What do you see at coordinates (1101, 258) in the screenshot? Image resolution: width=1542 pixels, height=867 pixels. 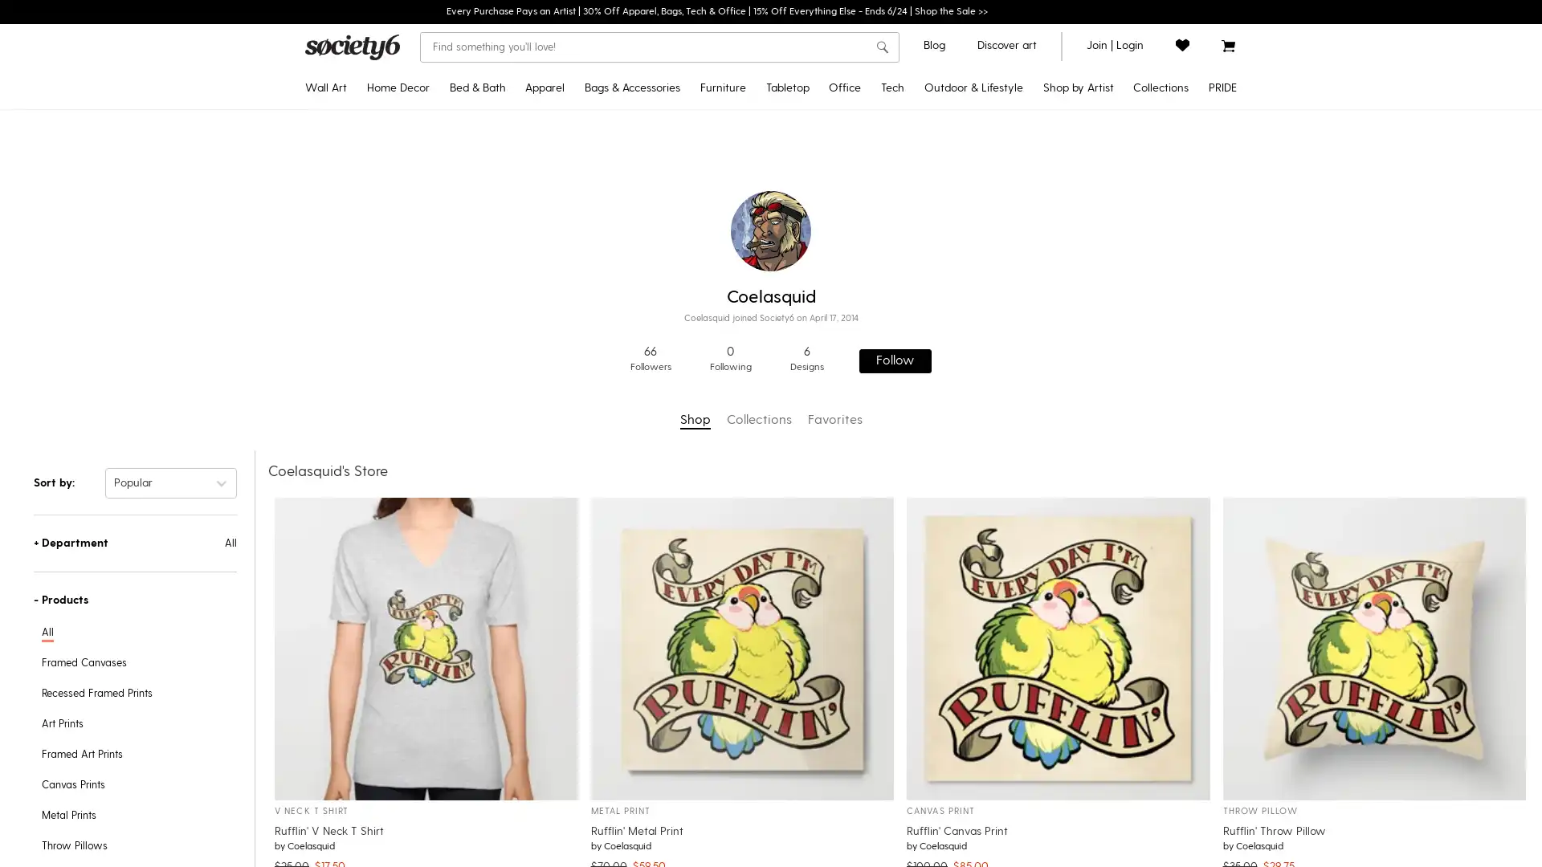 I see `Curator's Picks` at bounding box center [1101, 258].